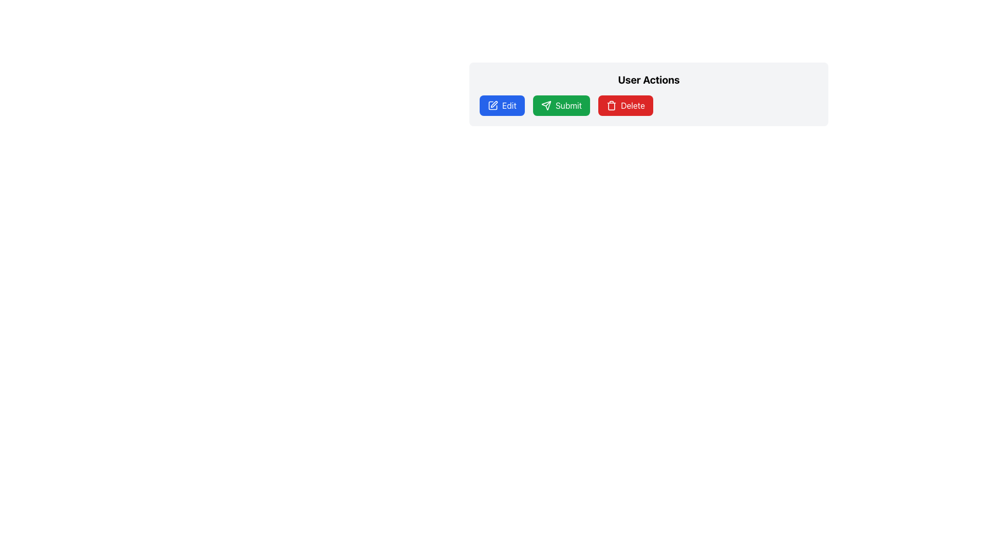 This screenshot has width=986, height=554. I want to click on the Edit icon located at the top-left of the Edit button in the user interface, so click(493, 105).